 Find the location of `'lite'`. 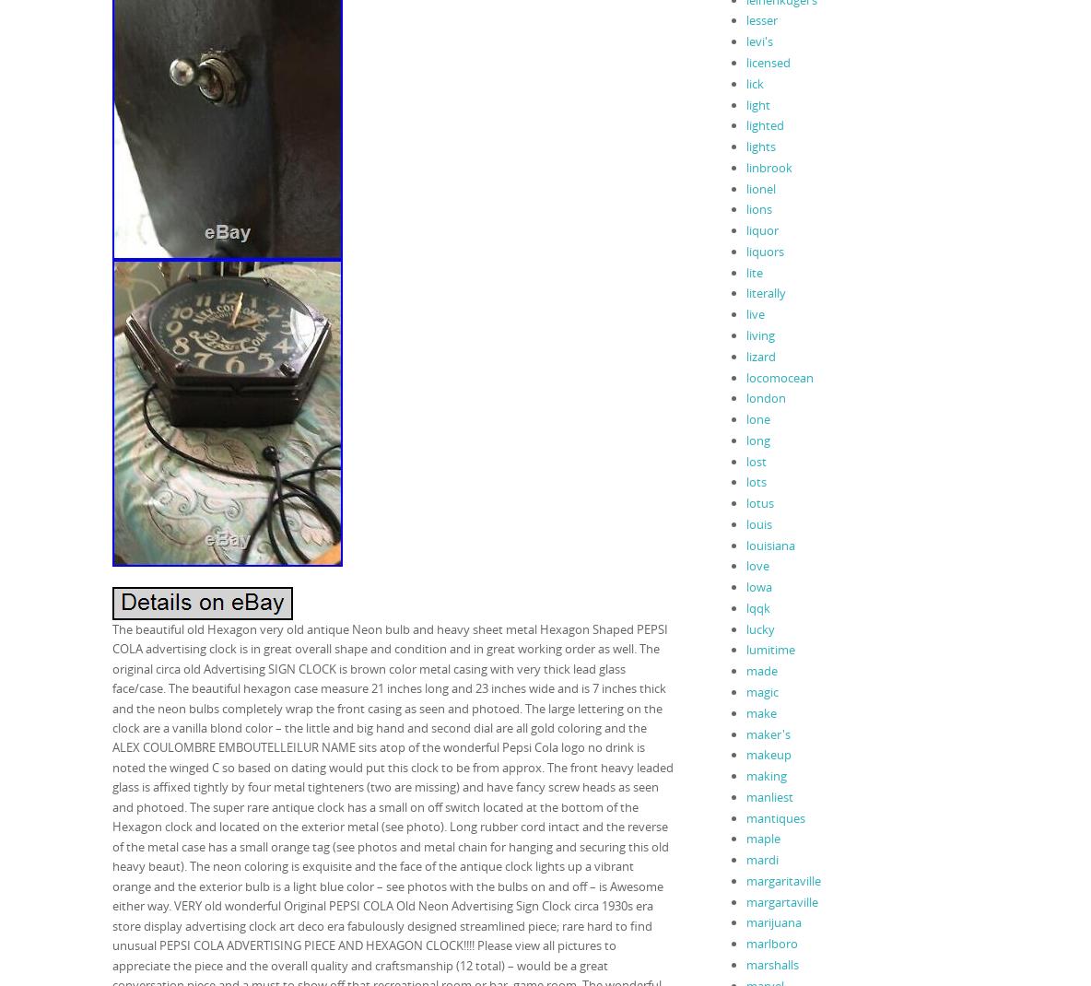

'lite' is located at coordinates (754, 271).